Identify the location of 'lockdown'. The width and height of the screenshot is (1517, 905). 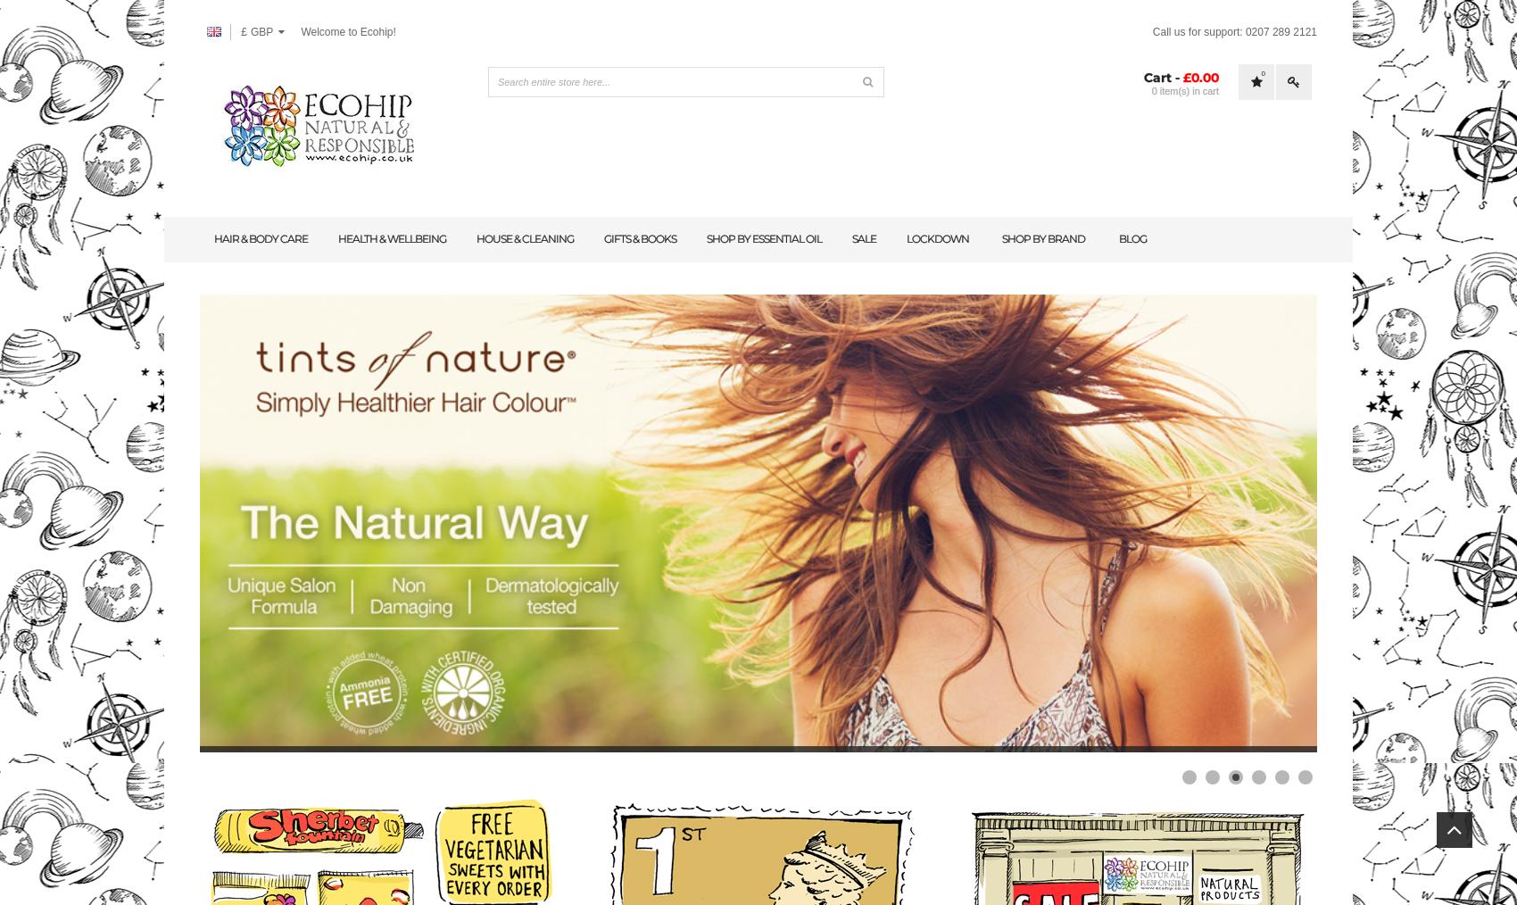
(936, 238).